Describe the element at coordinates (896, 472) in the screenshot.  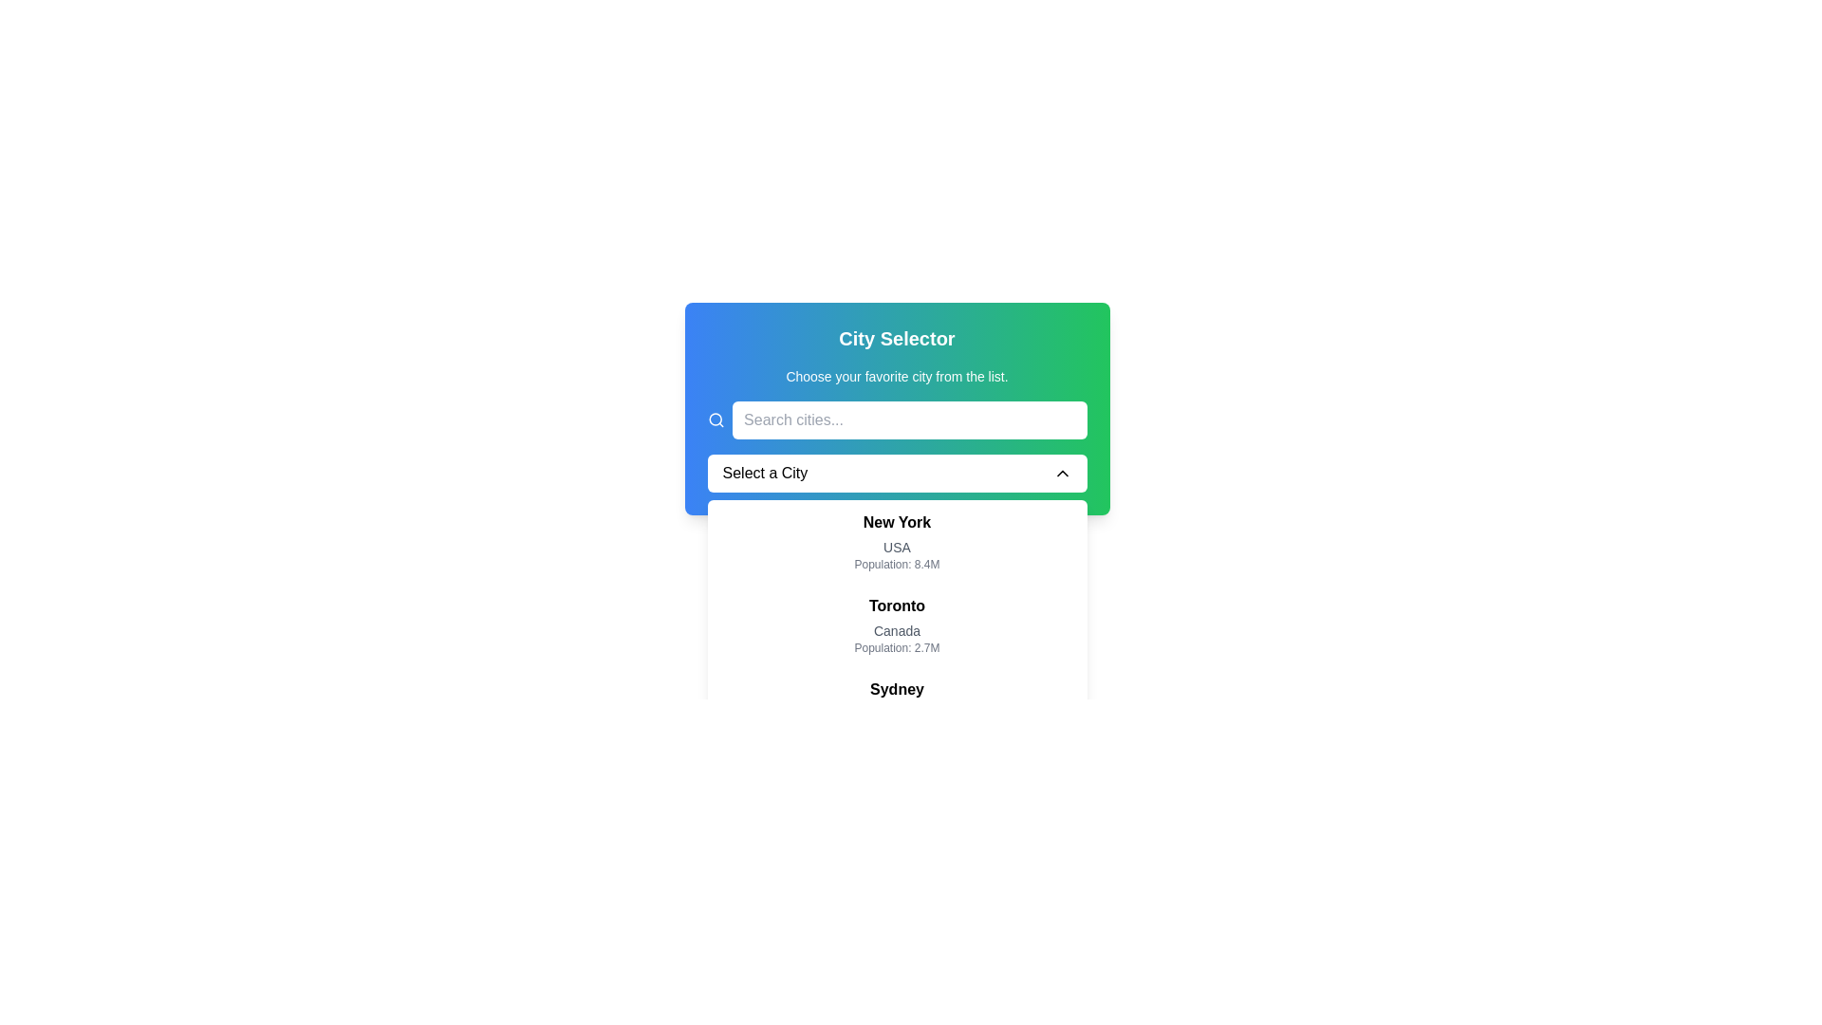
I see `the dropdown menu for city selection, positioned below the search bar and above the list of cities` at that location.